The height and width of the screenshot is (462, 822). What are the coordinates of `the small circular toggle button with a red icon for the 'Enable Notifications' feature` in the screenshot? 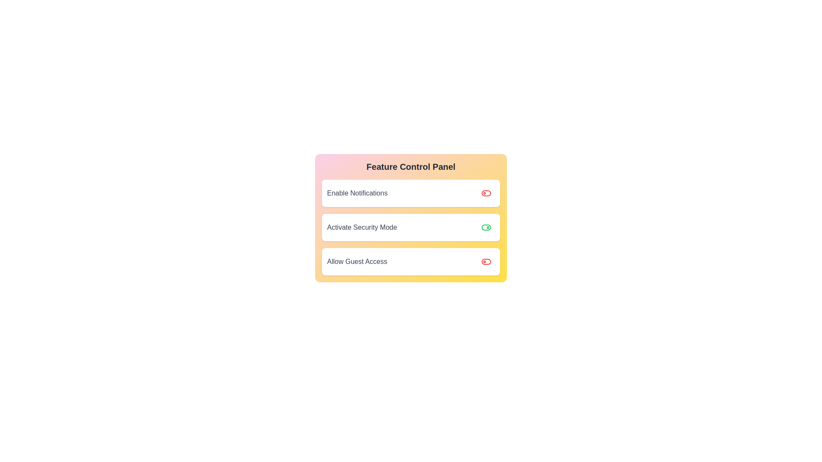 It's located at (486, 193).